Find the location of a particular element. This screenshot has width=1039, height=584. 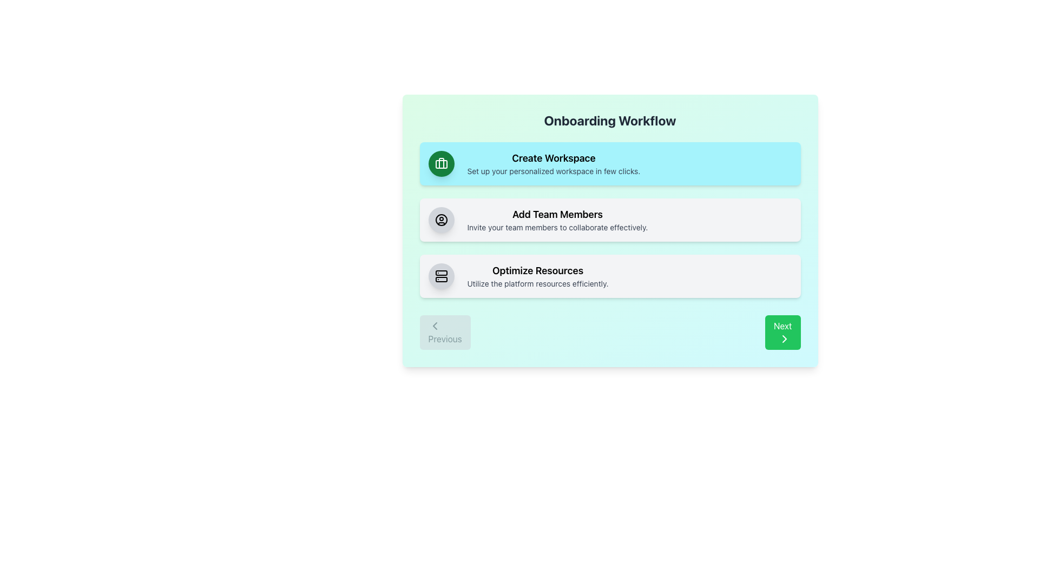

the informational card explaining the 'Optimize Resources' feature in the onboarding workflow, which is the third item in a vertical list of options is located at coordinates (610, 275).